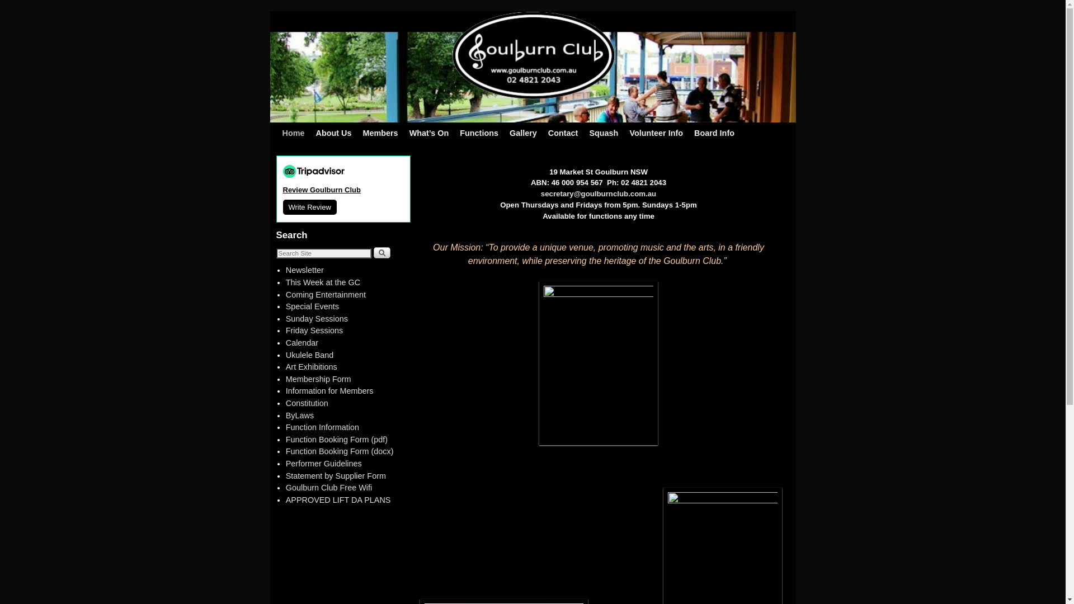 The width and height of the screenshot is (1074, 604). What do you see at coordinates (307, 403) in the screenshot?
I see `'Constitution'` at bounding box center [307, 403].